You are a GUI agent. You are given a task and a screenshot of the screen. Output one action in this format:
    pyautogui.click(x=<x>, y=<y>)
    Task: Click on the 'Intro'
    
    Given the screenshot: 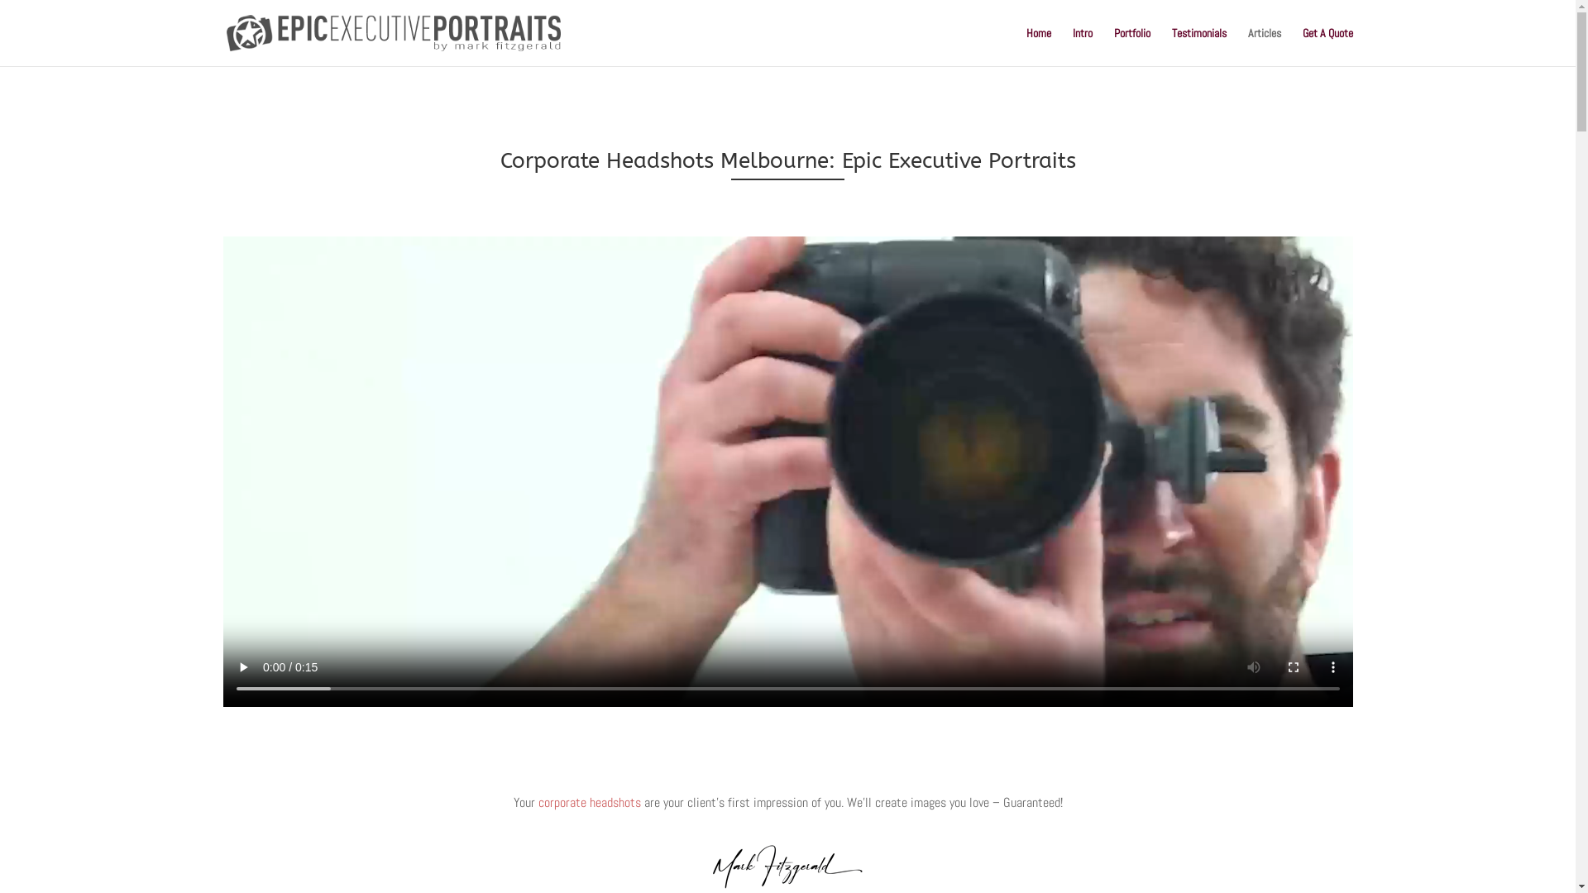 What is the action you would take?
    pyautogui.click(x=1082, y=45)
    